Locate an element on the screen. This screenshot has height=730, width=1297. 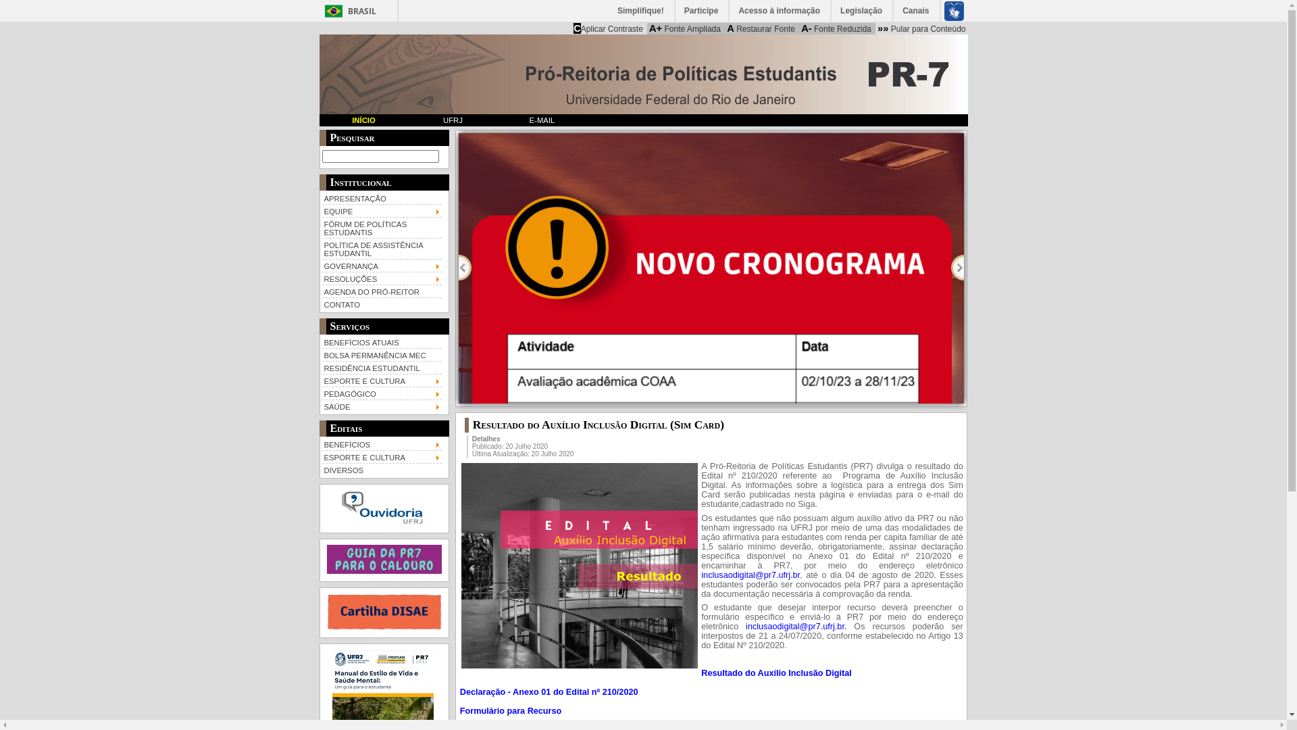
'A Restaurar Fonte' is located at coordinates (761, 28).